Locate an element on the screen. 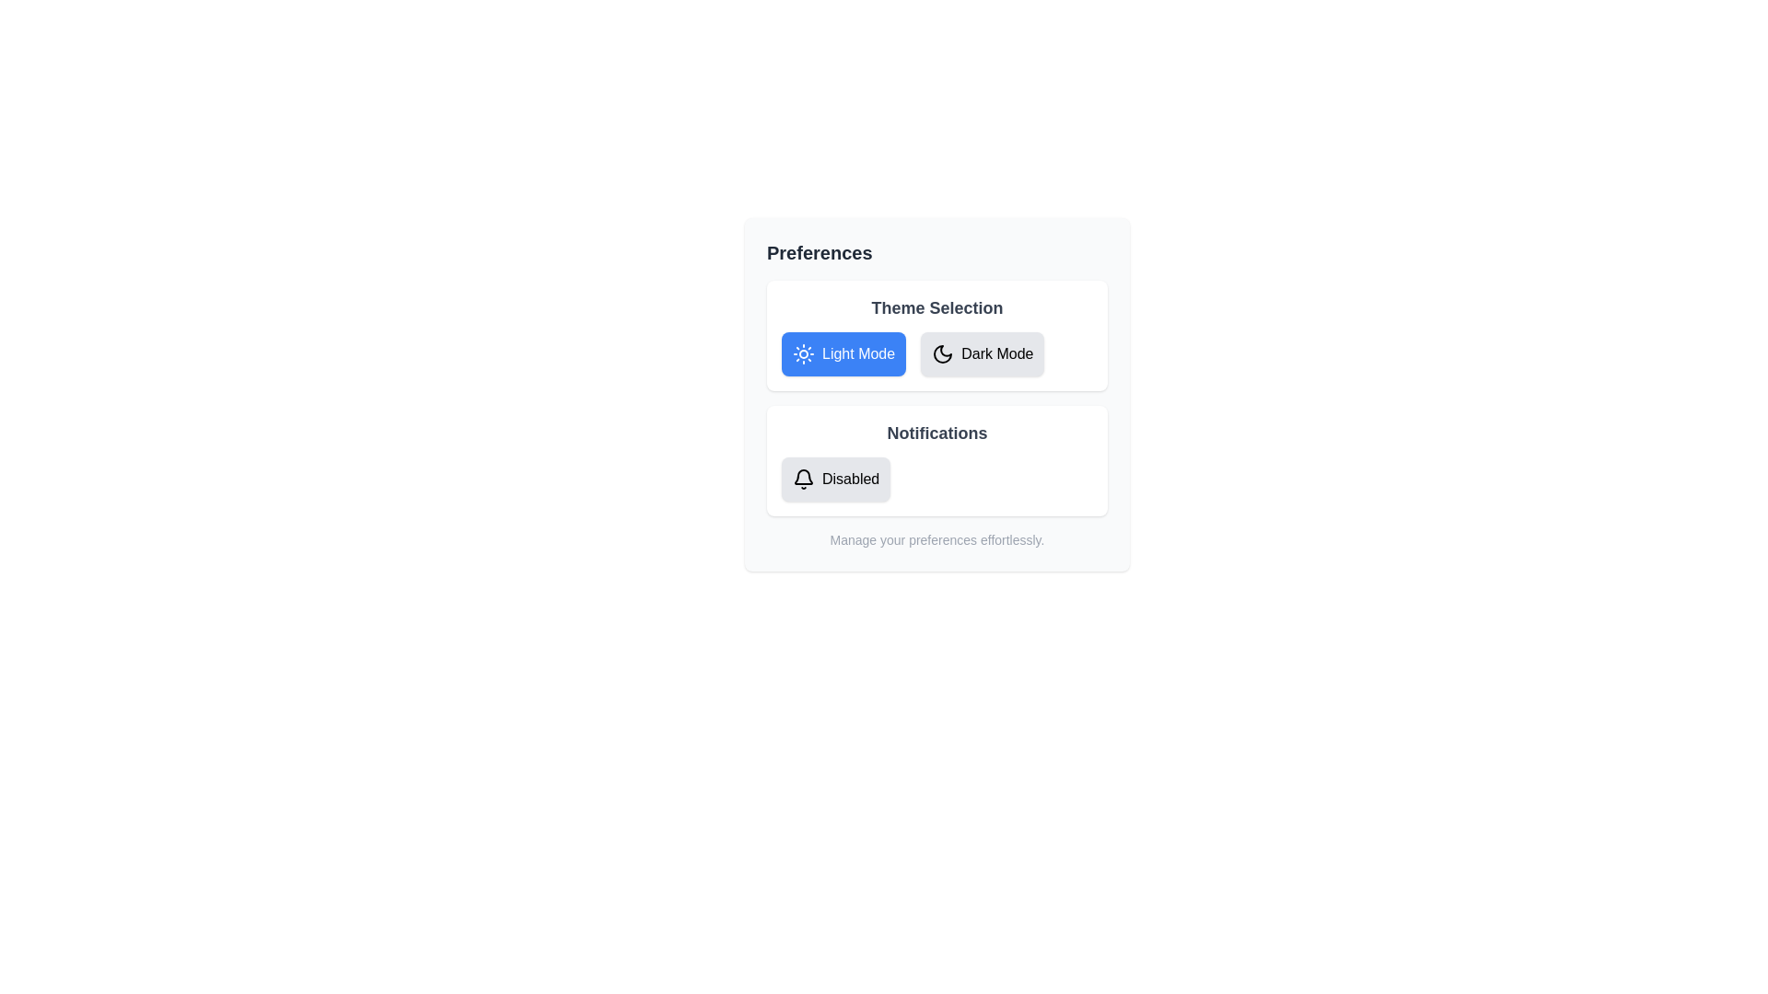  the notification settings icon located within the 'Disabled' button in the preference settings section is located at coordinates (804, 478).